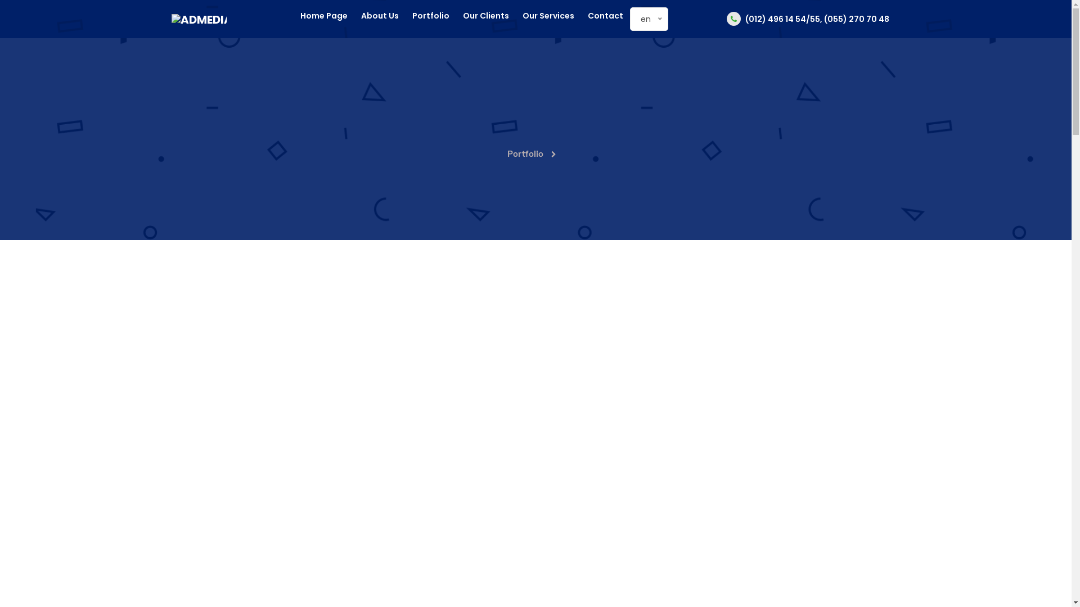 Image resolution: width=1080 pixels, height=607 pixels. What do you see at coordinates (640, 19) in the screenshot?
I see `'en'` at bounding box center [640, 19].